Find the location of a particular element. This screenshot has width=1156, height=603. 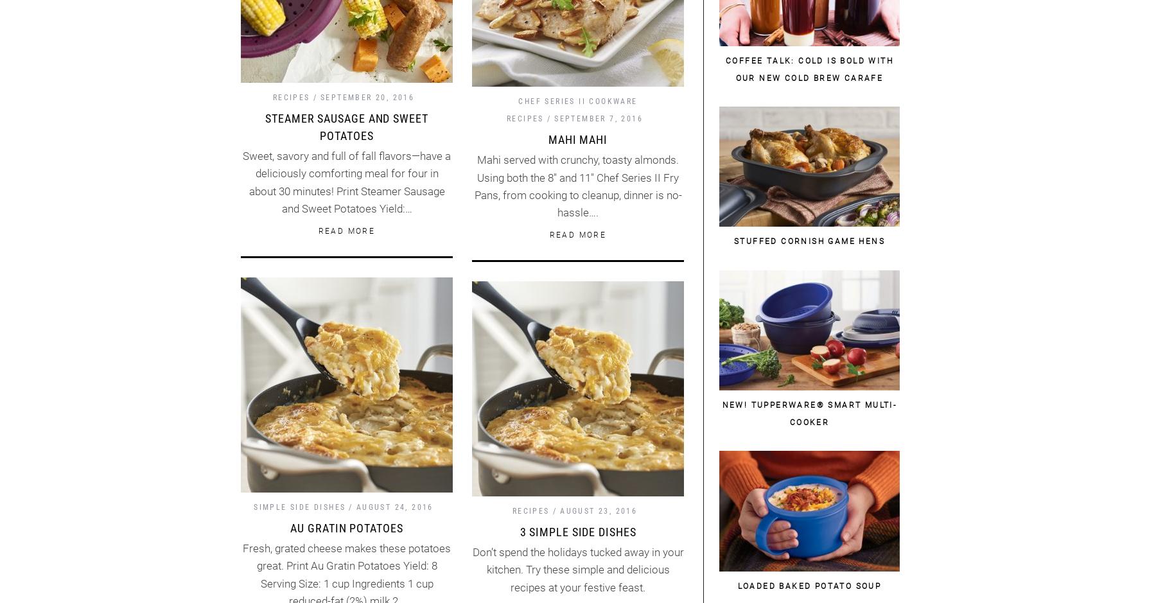

'Au Gratin Potatoes' is located at coordinates (289, 528).